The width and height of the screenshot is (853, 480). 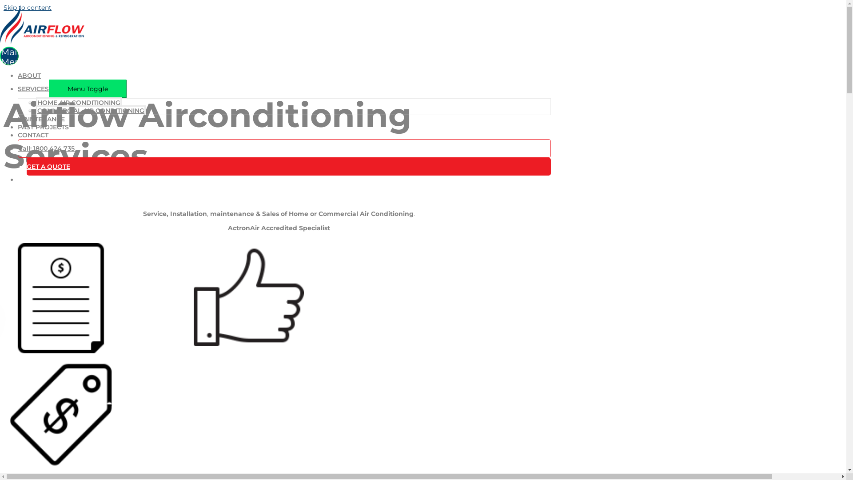 I want to click on 'PAST PROJECTS', so click(x=17, y=127).